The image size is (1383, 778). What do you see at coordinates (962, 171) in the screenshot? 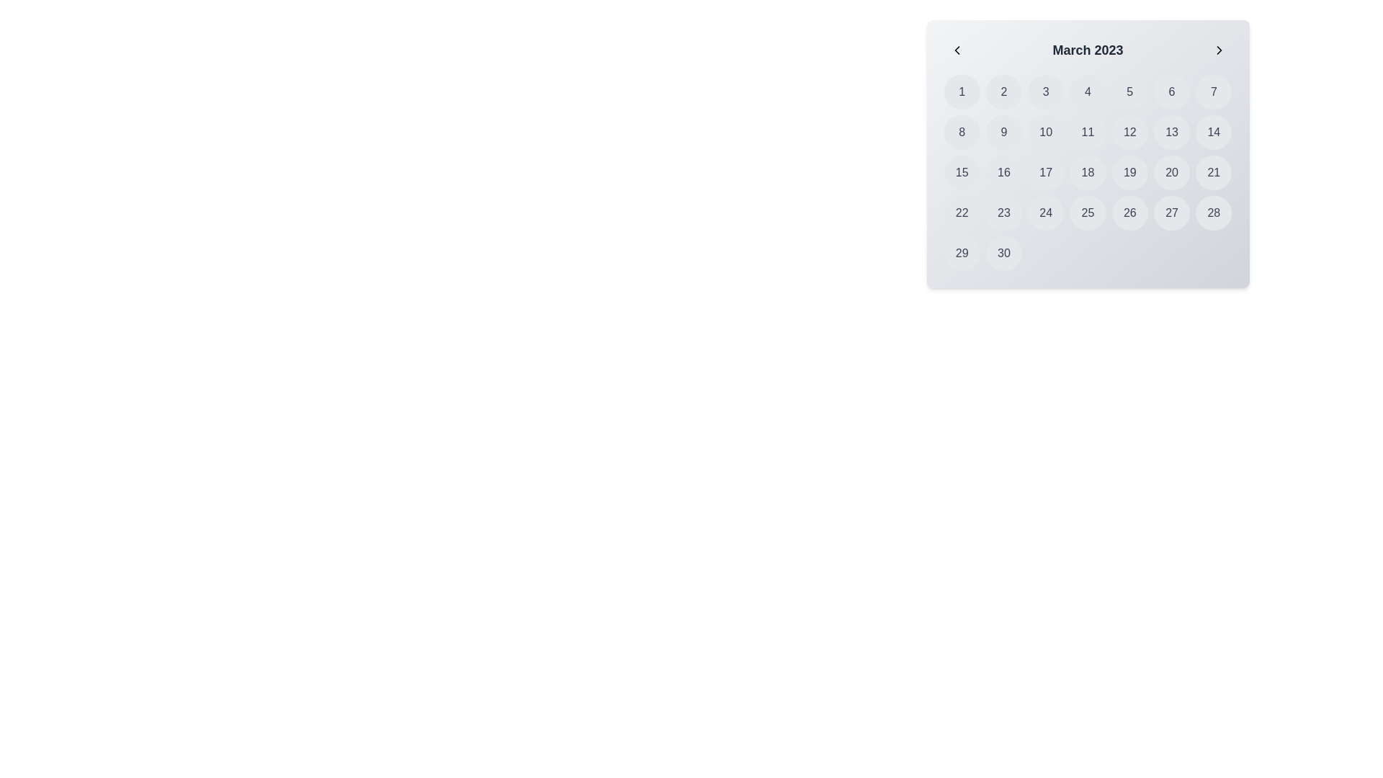
I see `the circular button labeled '15' with a dark gray font` at bounding box center [962, 171].